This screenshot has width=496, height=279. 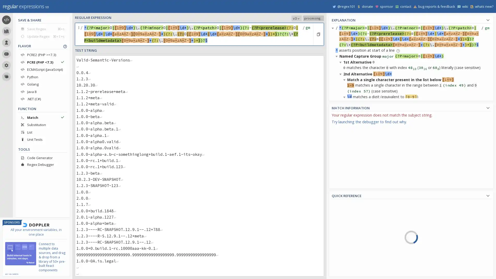 What do you see at coordinates (42, 55) in the screenshot?
I see `PCRE2 (PHP >=7.3)` at bounding box center [42, 55].